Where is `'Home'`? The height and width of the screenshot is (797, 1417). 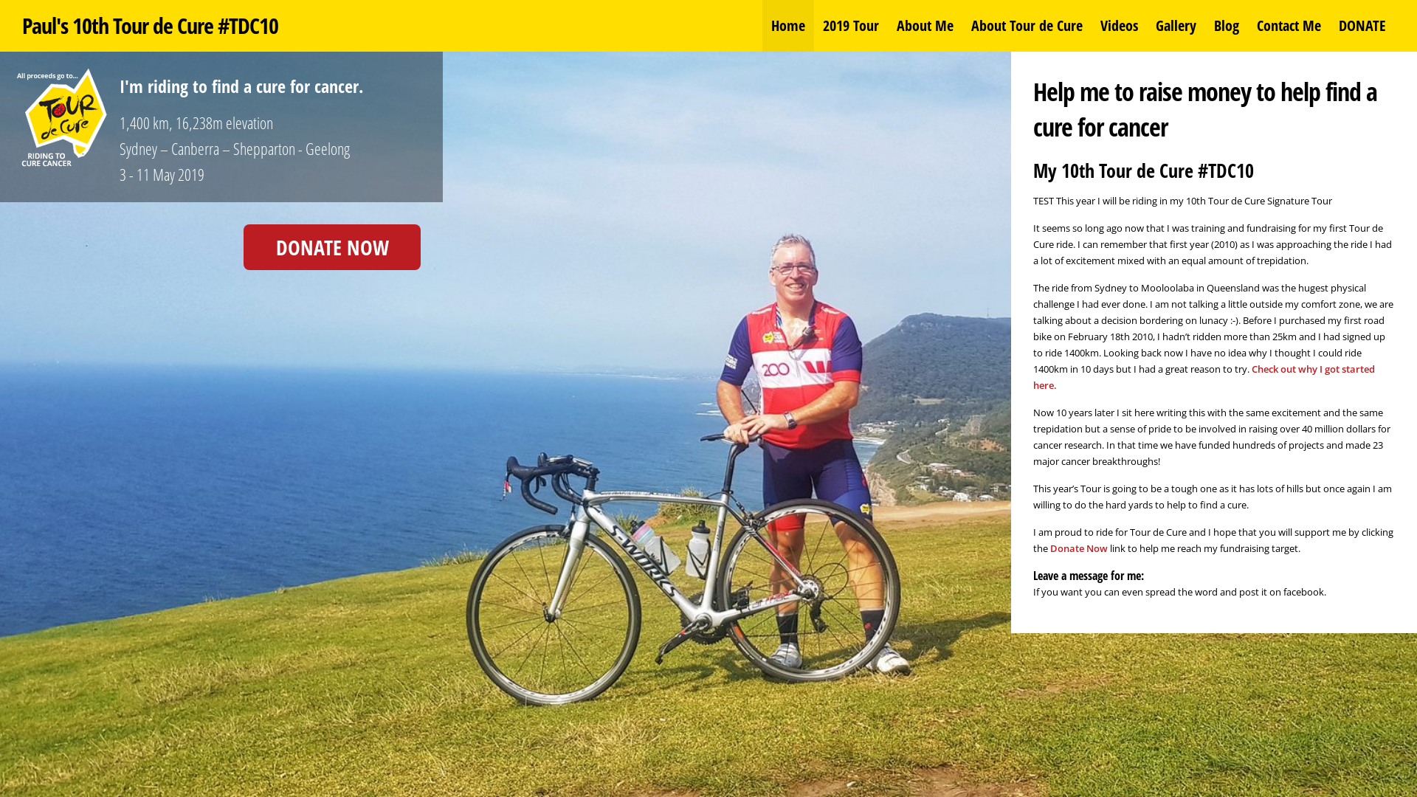 'Home' is located at coordinates (787, 25).